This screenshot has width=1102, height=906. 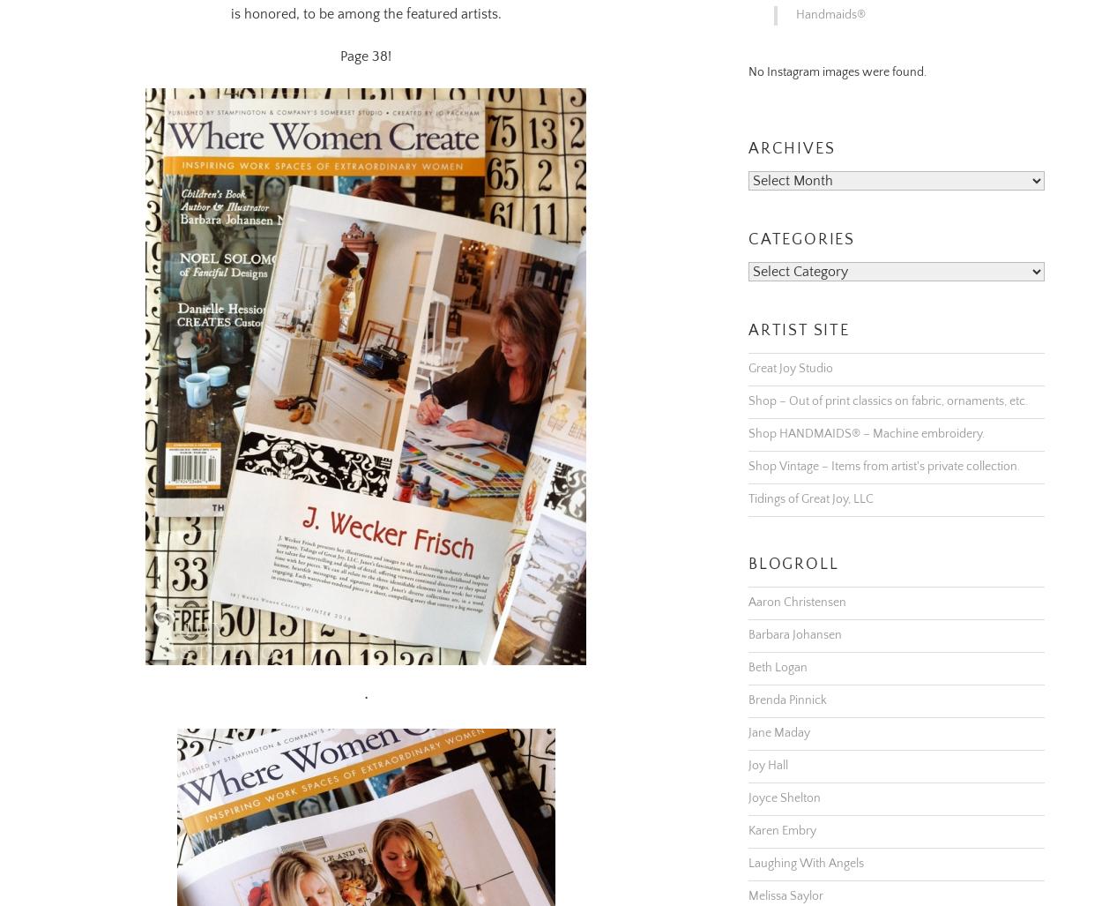 What do you see at coordinates (884, 444) in the screenshot?
I see `'Shop Vintage – Items from artist's private collection.'` at bounding box center [884, 444].